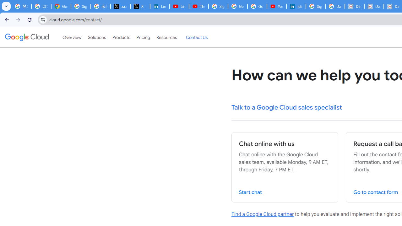 The height and width of the screenshot is (226, 402). What do you see at coordinates (143, 37) in the screenshot?
I see `'Pricing'` at bounding box center [143, 37].